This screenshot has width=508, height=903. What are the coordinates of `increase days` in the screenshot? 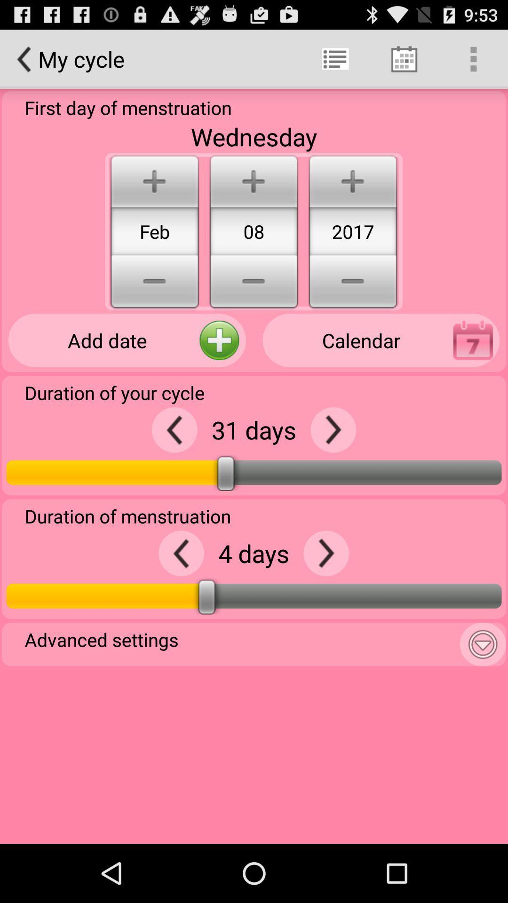 It's located at (325, 553).